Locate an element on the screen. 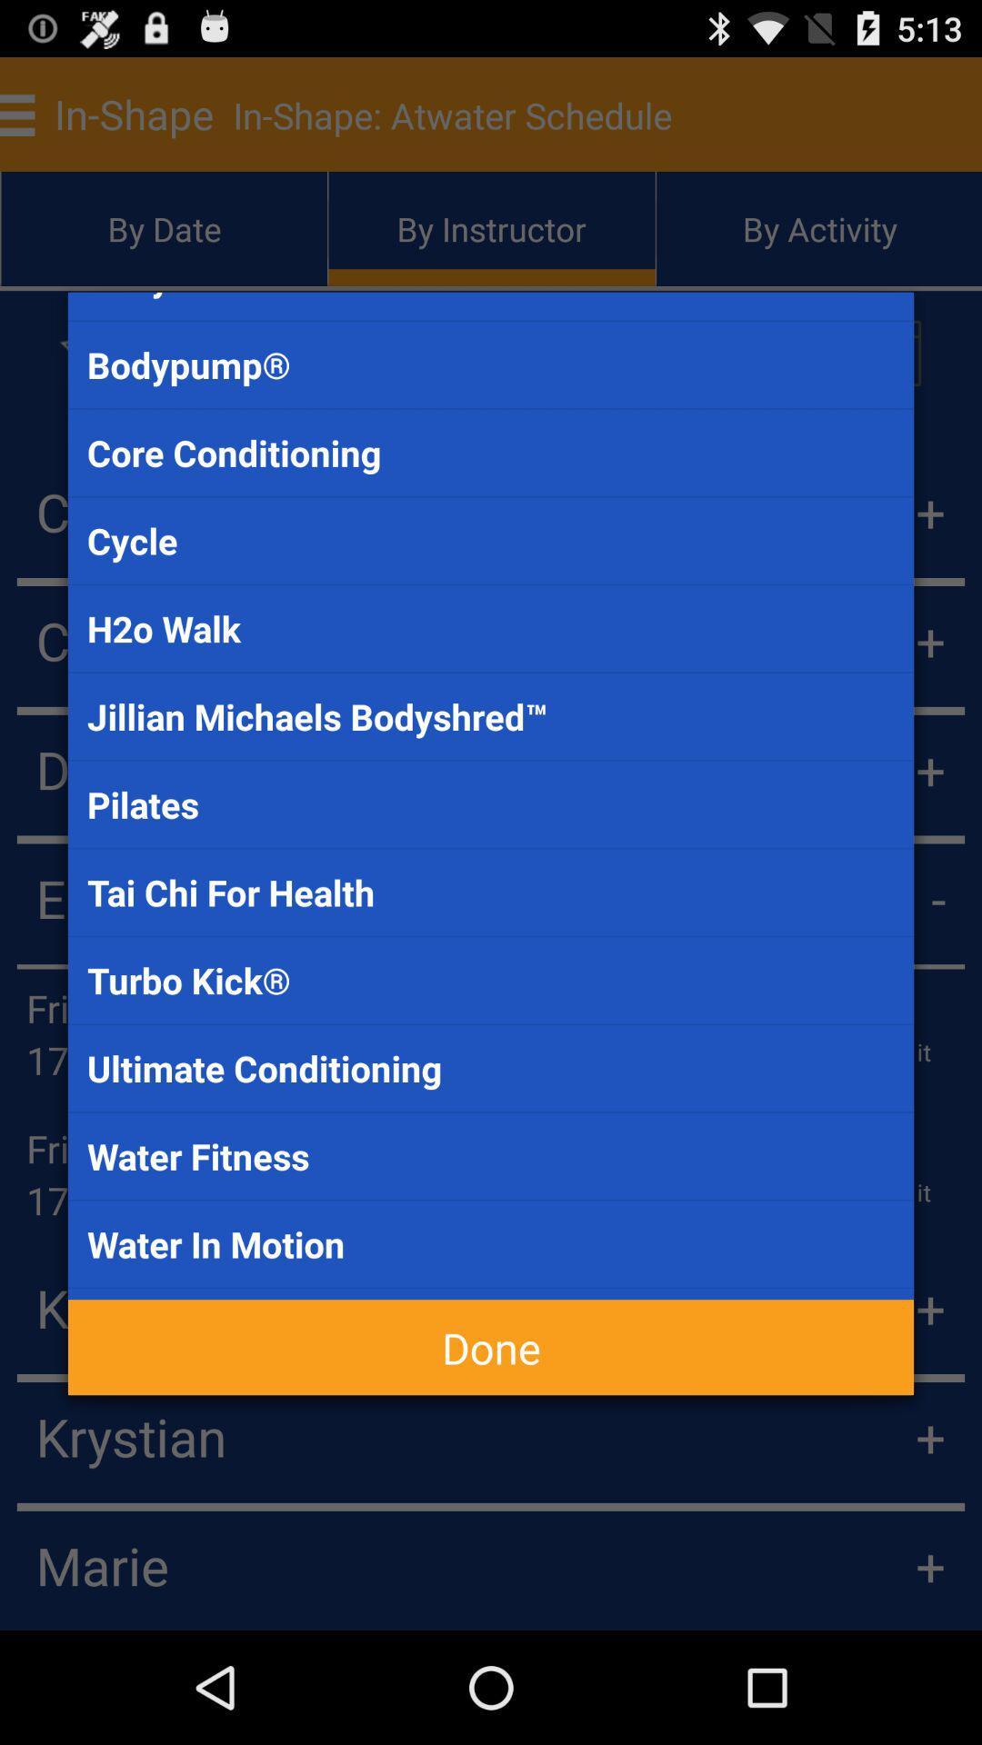 The width and height of the screenshot is (982, 1745). app above the pilates is located at coordinates (491, 715).